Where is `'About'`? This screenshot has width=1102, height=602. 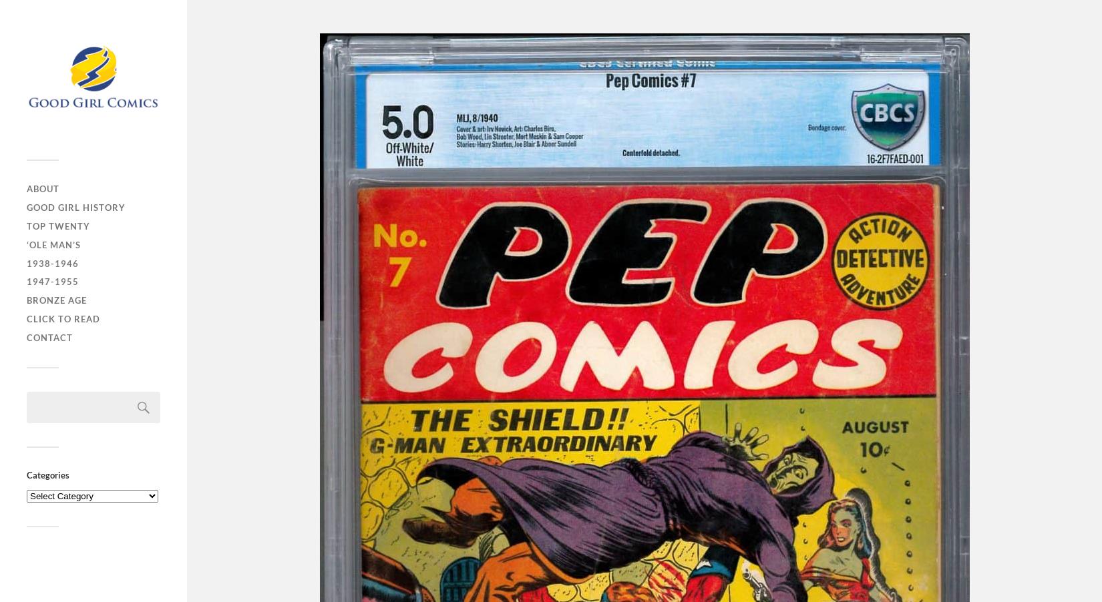
'About' is located at coordinates (43, 188).